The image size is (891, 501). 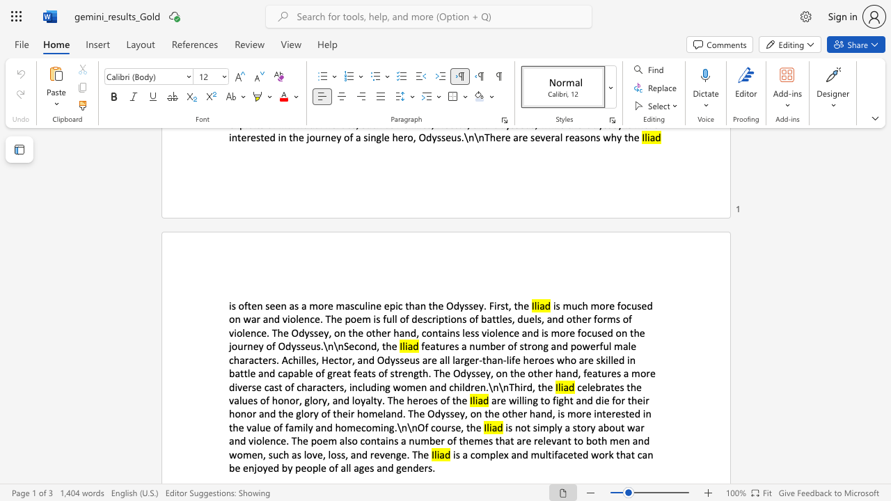 I want to click on the subset text "oyalty." within the text "celebrates the values of honor, glory, and loyalty. The heroes of the", so click(x=354, y=400).